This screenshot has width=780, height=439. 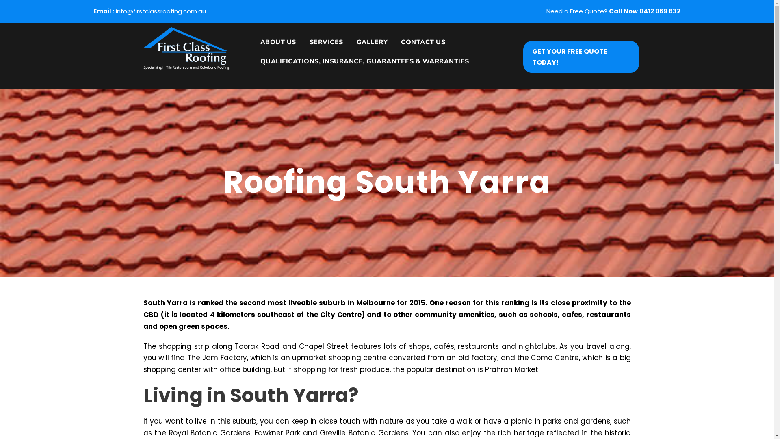 What do you see at coordinates (581, 56) in the screenshot?
I see `'GET YOUR FREE QUOTE TODAY!'` at bounding box center [581, 56].